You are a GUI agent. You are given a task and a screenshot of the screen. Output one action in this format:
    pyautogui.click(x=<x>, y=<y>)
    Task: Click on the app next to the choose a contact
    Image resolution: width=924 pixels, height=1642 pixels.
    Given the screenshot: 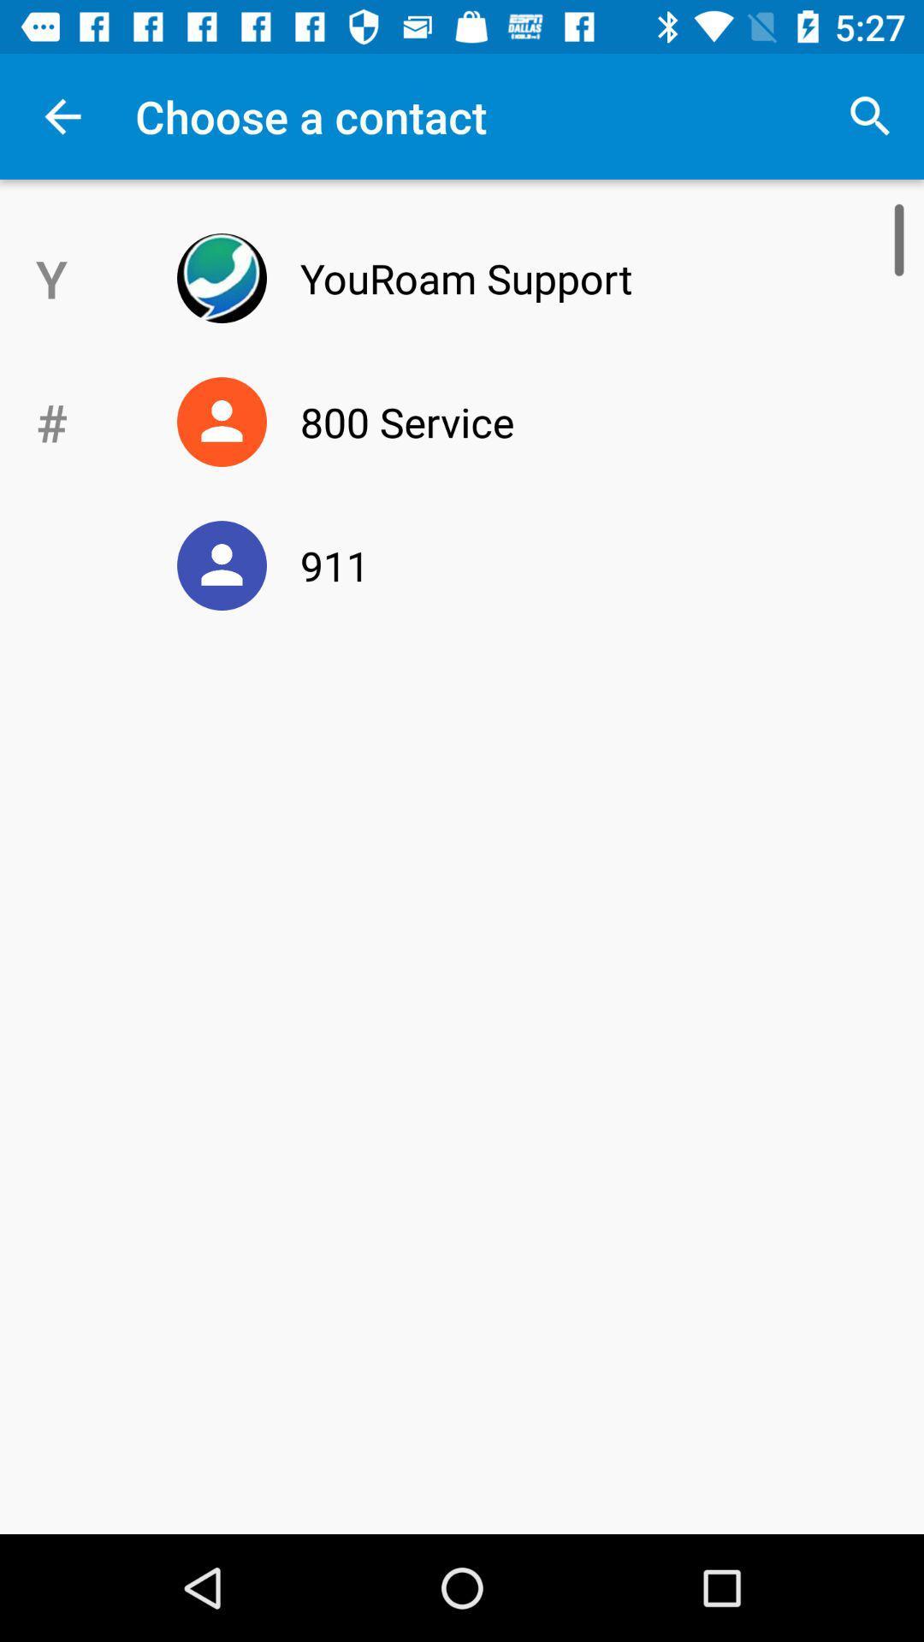 What is the action you would take?
    pyautogui.click(x=870, y=115)
    